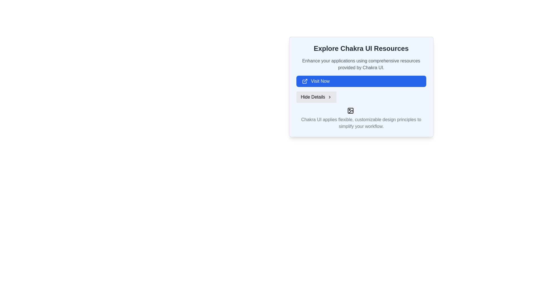 The image size is (542, 305). I want to click on the external link icon located to the left of the 'Visit Now' text in the button, so click(304, 81).